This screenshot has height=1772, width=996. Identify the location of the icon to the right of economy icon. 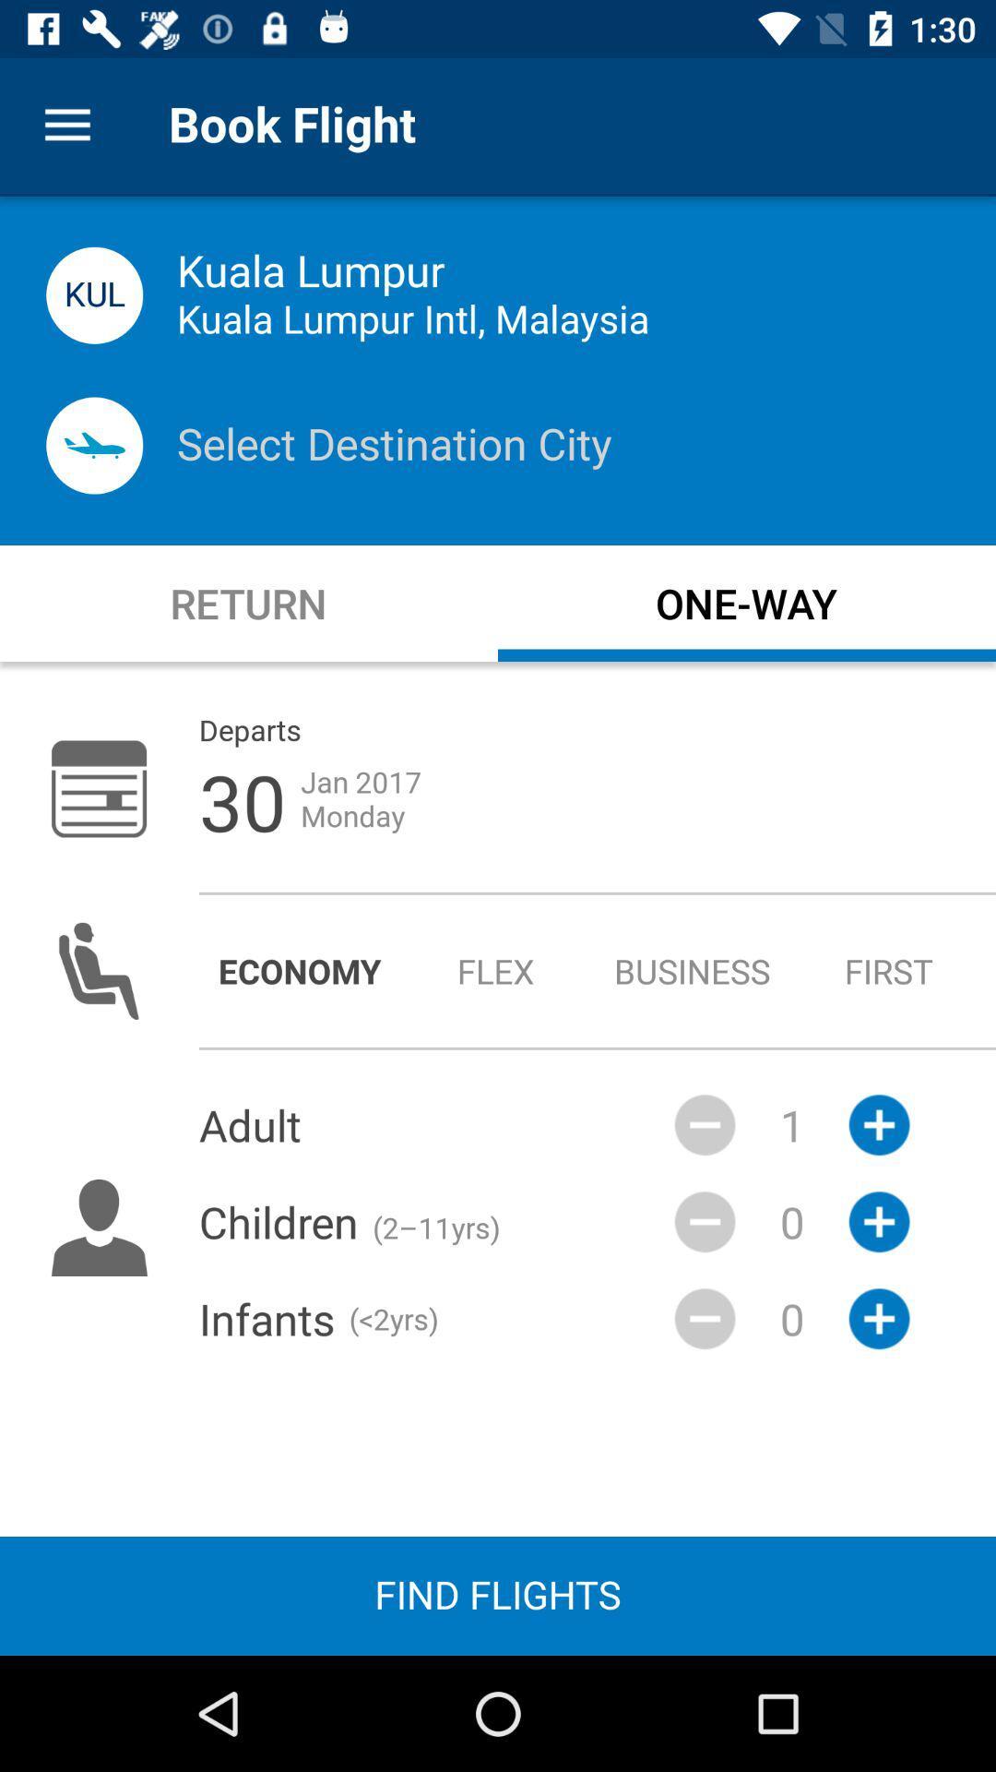
(495, 970).